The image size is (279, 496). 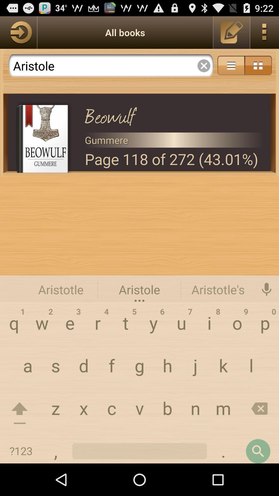 What do you see at coordinates (231, 65) in the screenshot?
I see `share the articles` at bounding box center [231, 65].